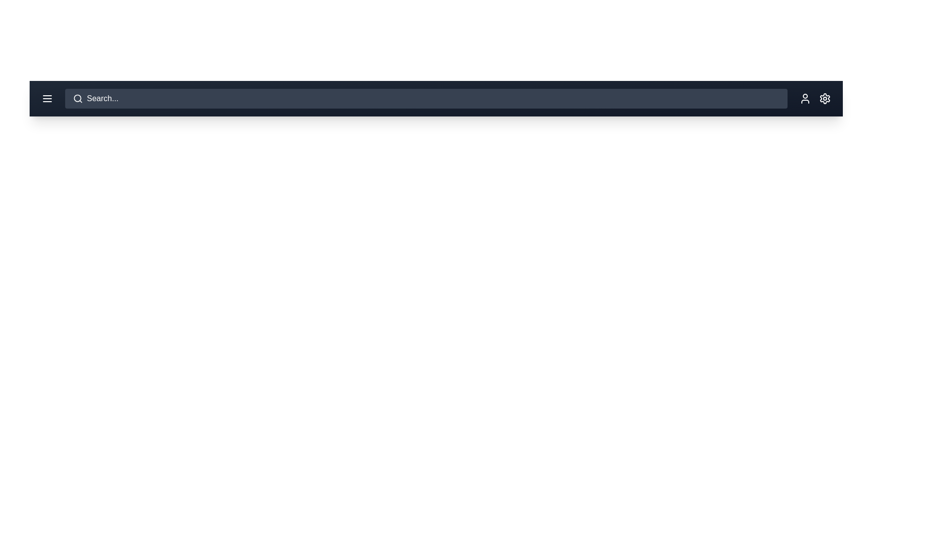 Image resolution: width=948 pixels, height=533 pixels. I want to click on the user profile button in the app bar, so click(805, 99).